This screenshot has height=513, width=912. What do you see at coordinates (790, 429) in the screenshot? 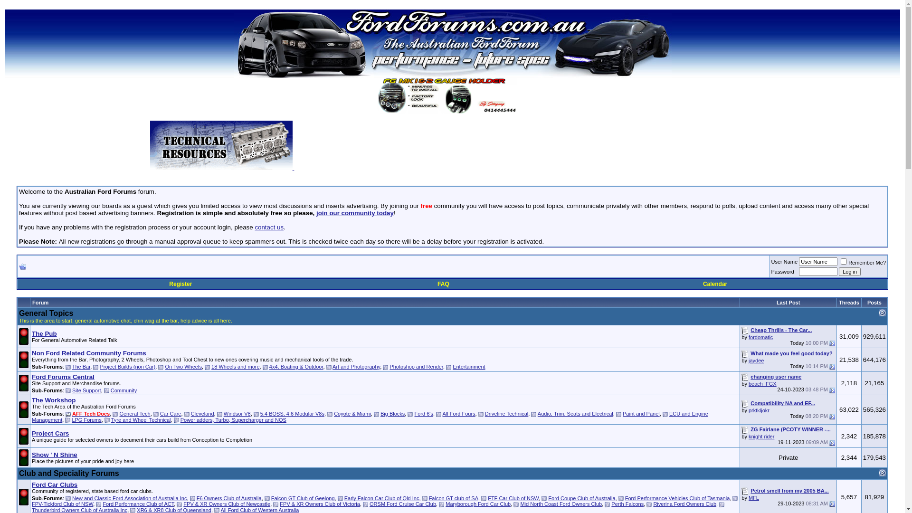
I see `'ZG Fairlane (PCOTY WINNER -...'` at bounding box center [790, 429].